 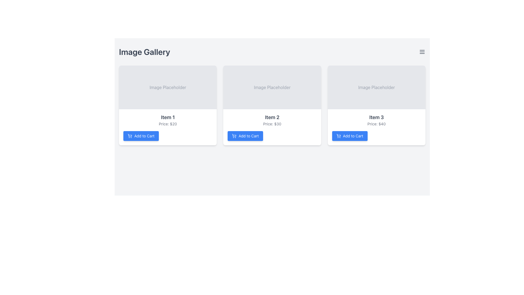 What do you see at coordinates (141, 135) in the screenshot?
I see `the 'Add to Cart' button located centrally below the 'Price: $20' text in the 'Item 1' card on the leftmost side of a three-card grid layout` at bounding box center [141, 135].